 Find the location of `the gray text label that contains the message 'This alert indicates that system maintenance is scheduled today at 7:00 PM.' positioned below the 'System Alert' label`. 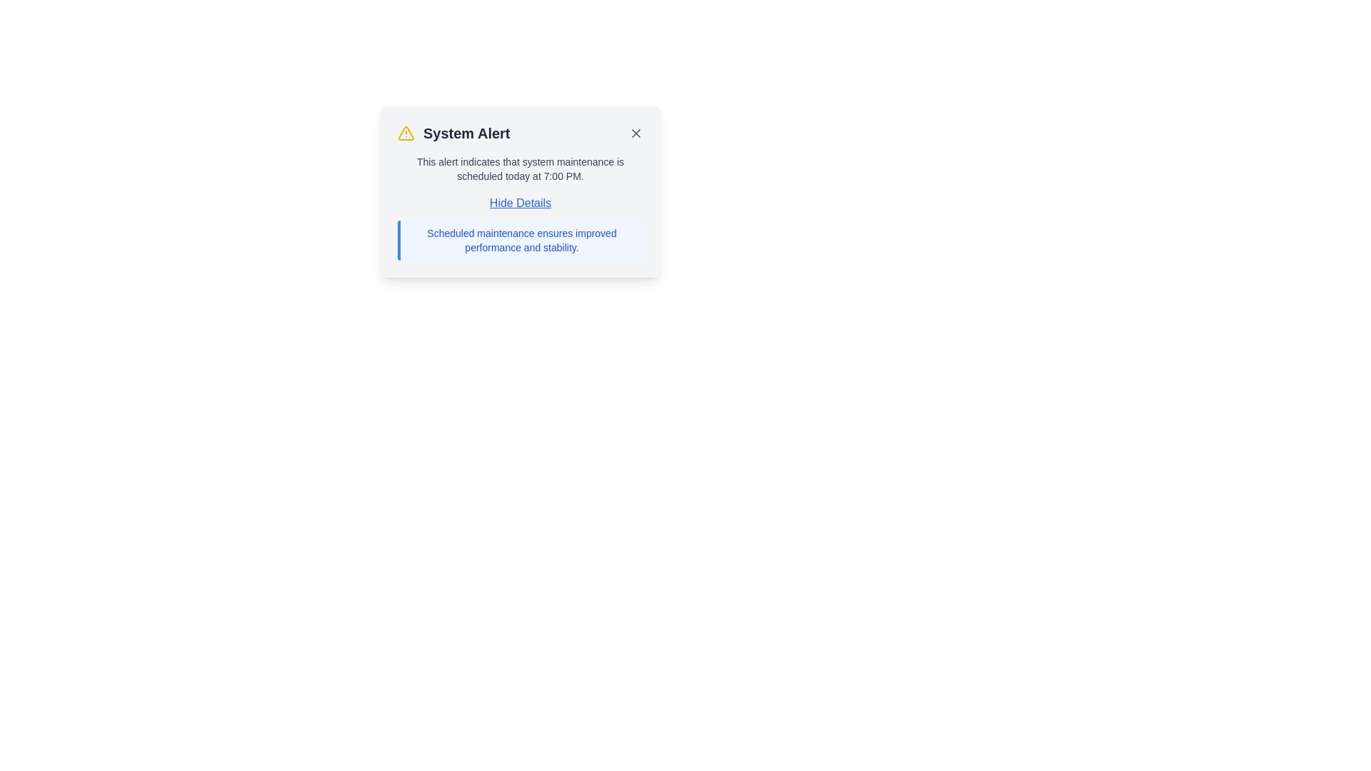

the gray text label that contains the message 'This alert indicates that system maintenance is scheduled today at 7:00 PM.' positioned below the 'System Alert' label is located at coordinates (520, 168).